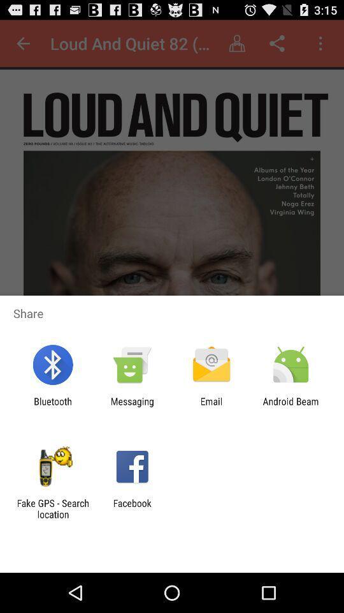  Describe the element at coordinates (131, 508) in the screenshot. I see `facebook icon` at that location.